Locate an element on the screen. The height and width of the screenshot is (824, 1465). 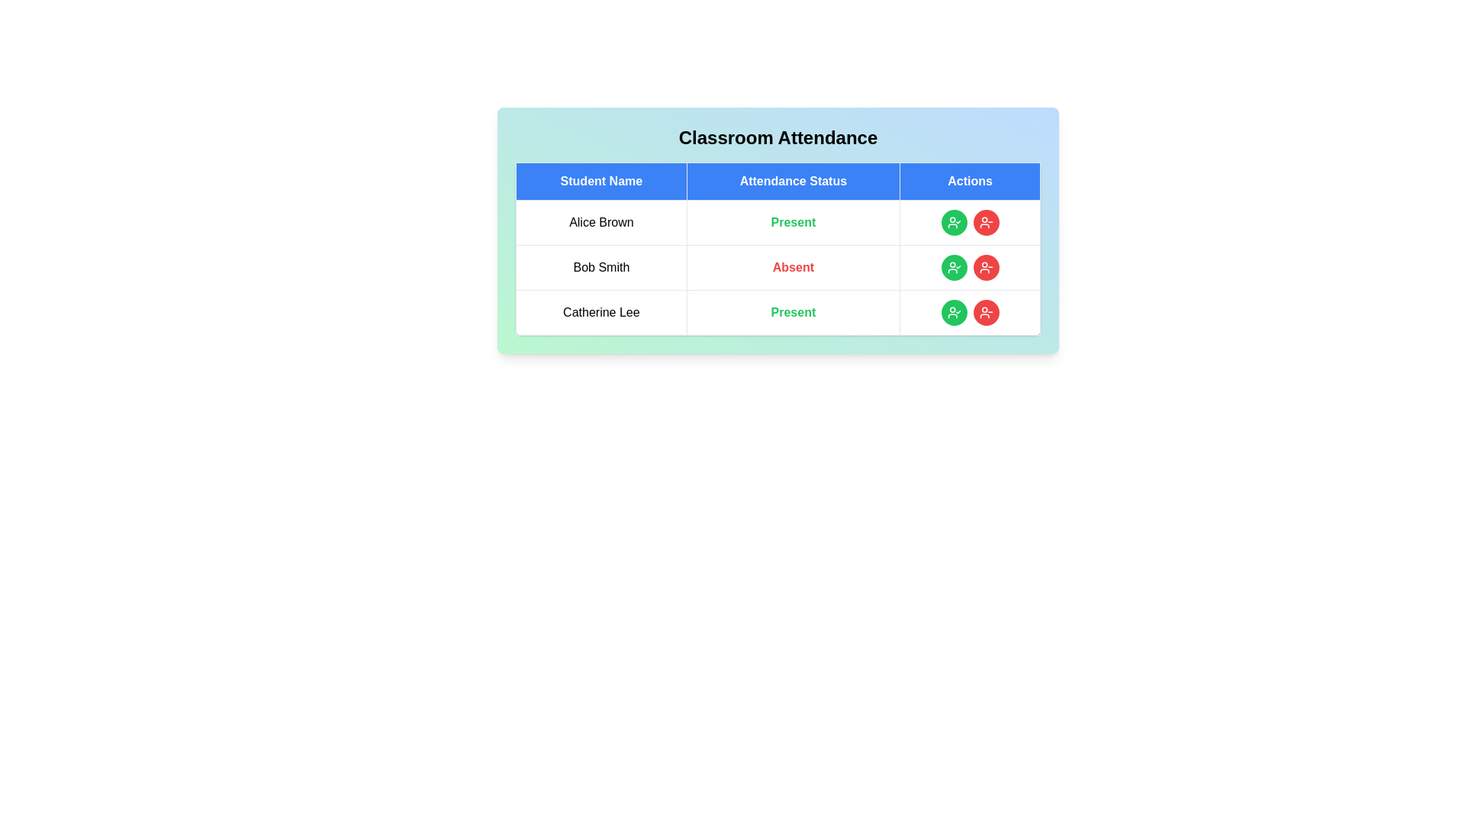
the row corresponding to Catherine Lee to observe the visual feedback is located at coordinates (778, 311).